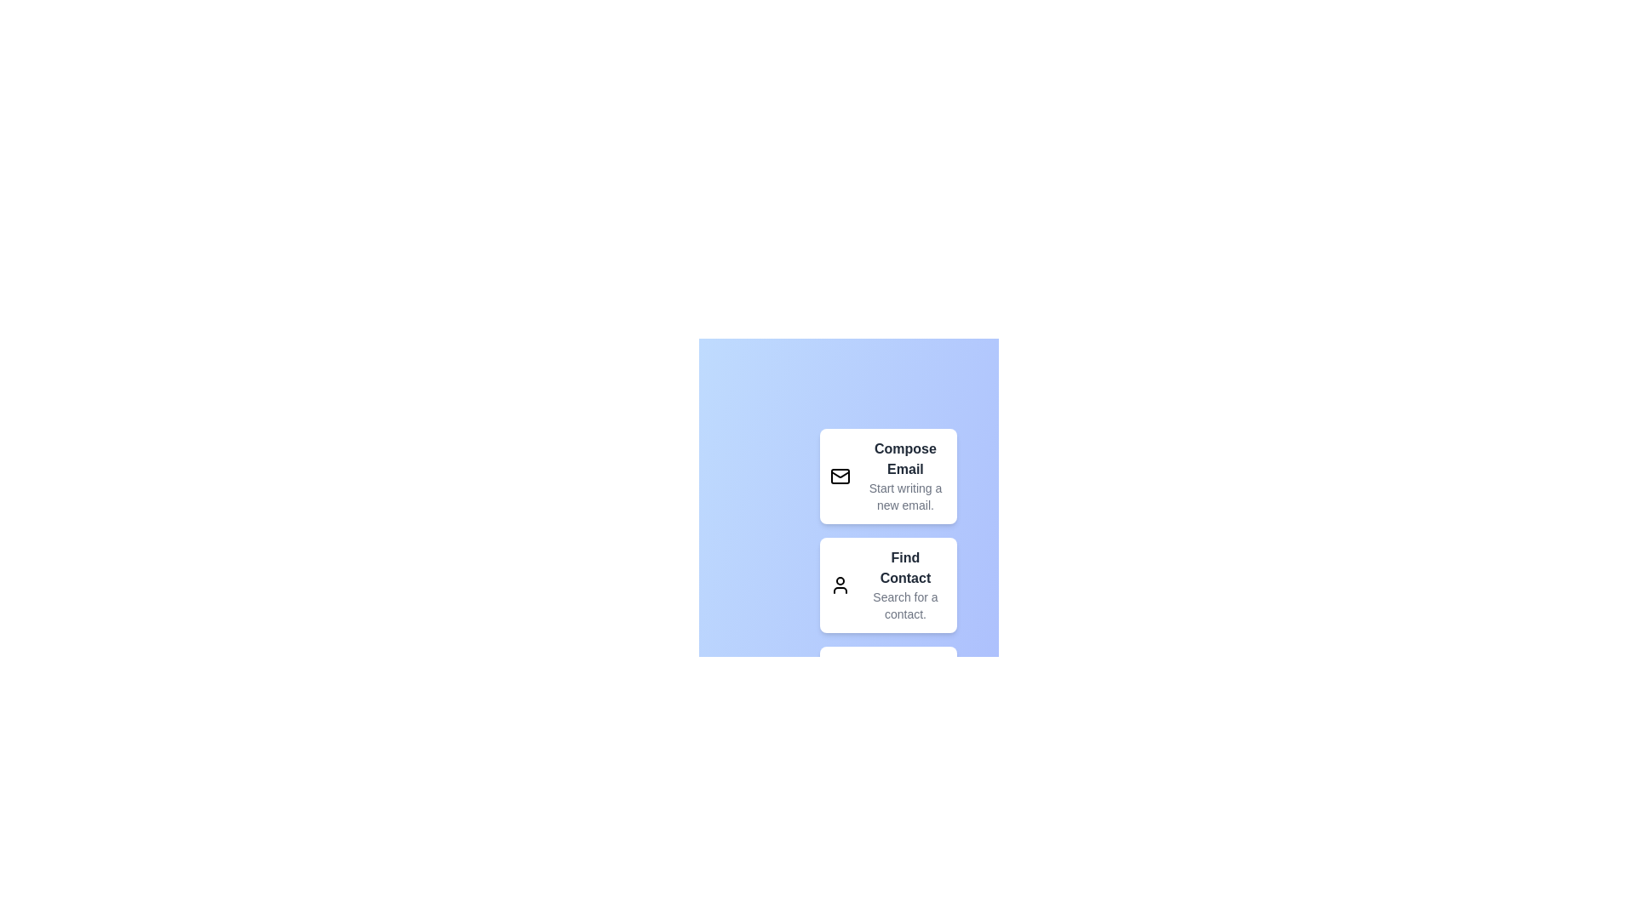  I want to click on the 'Compose Email' button to start writing a new email, so click(886, 476).